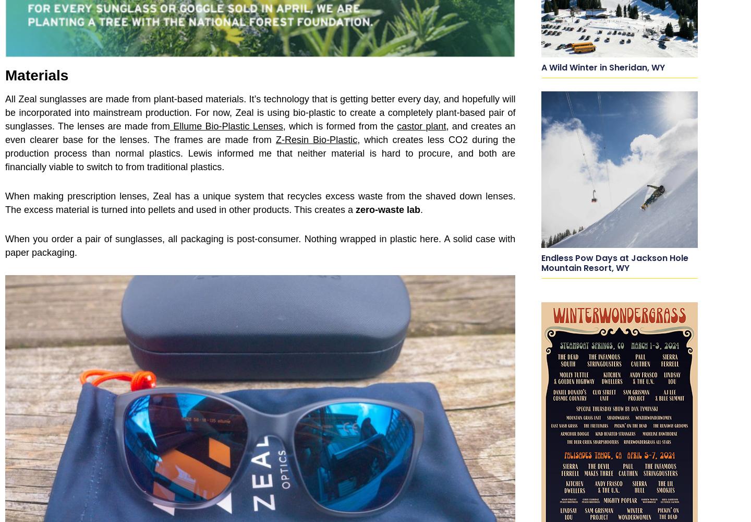 The image size is (751, 522). Describe the element at coordinates (387, 210) in the screenshot. I see `'zero-waste lab'` at that location.